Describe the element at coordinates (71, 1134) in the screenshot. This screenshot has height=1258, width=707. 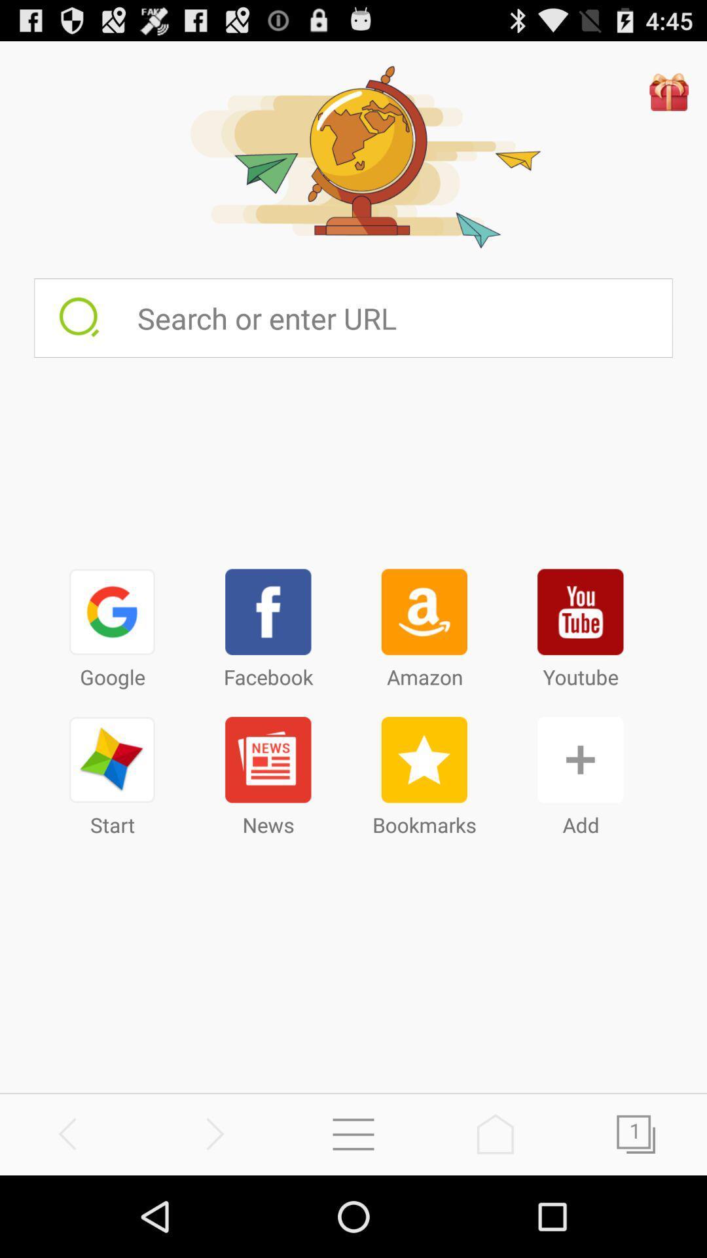
I see `go back` at that location.